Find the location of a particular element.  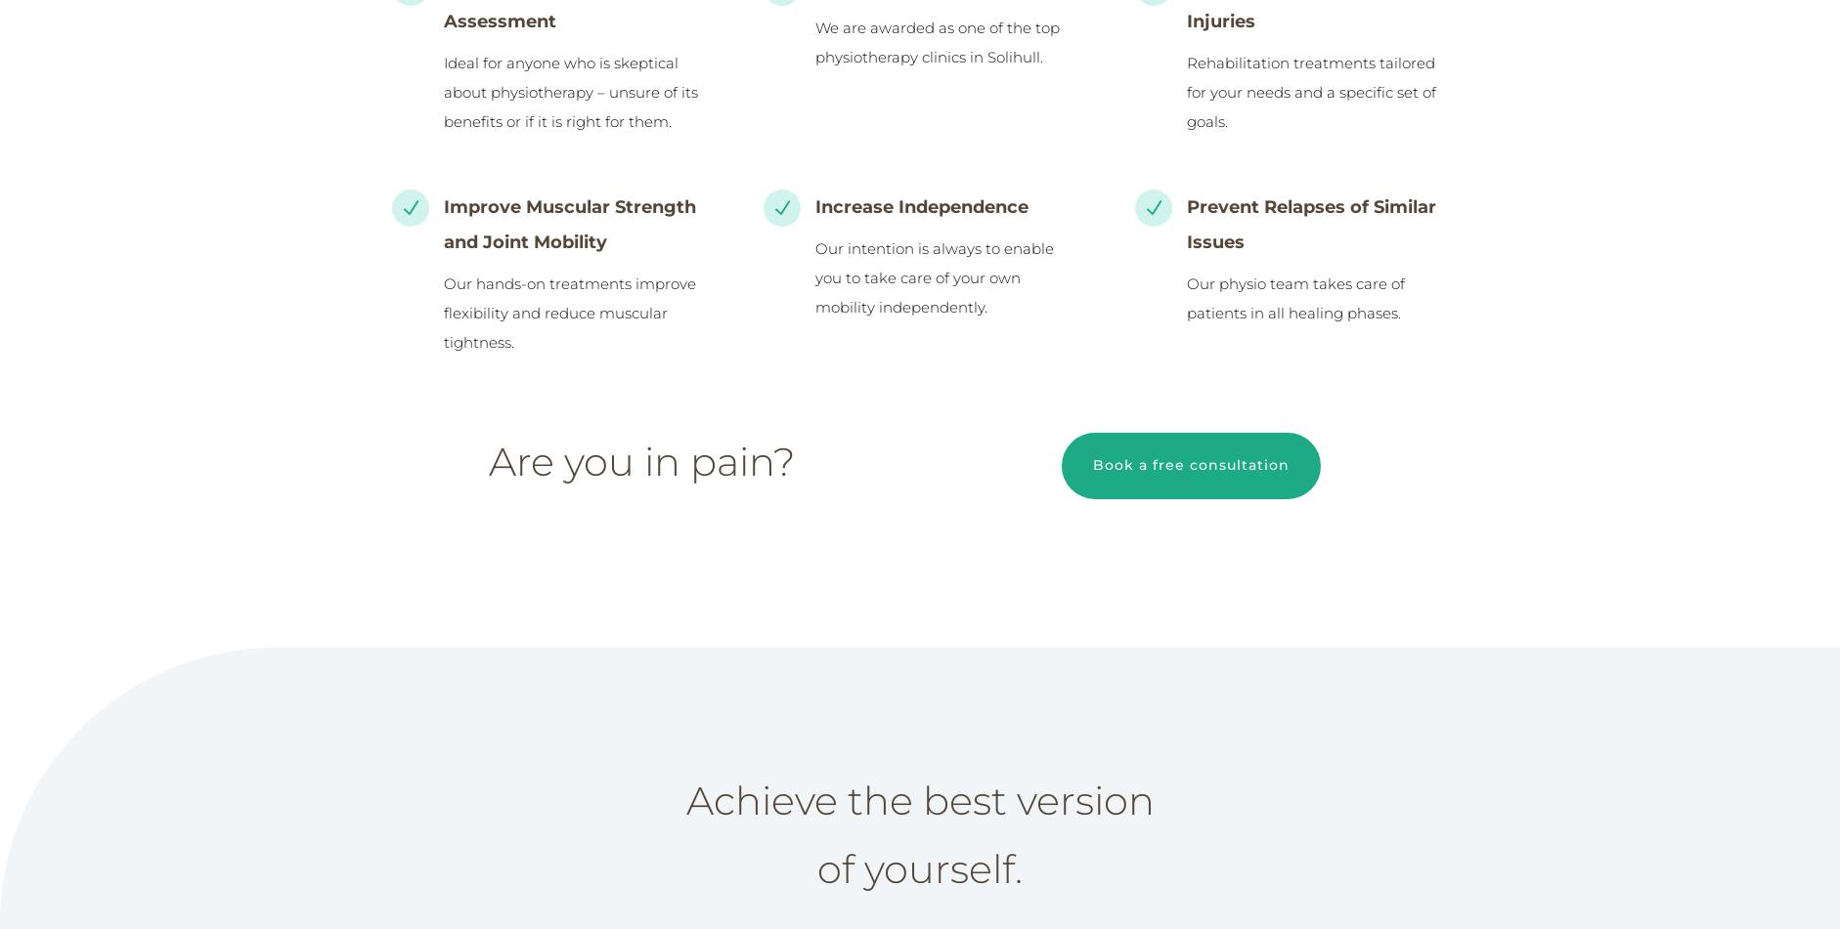

'Increase Independence' is located at coordinates (920, 206).